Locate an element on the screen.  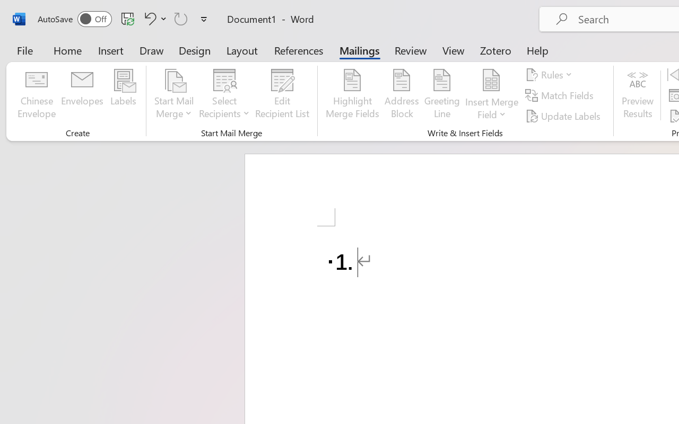
'Undo Number Default' is located at coordinates (148, 18).